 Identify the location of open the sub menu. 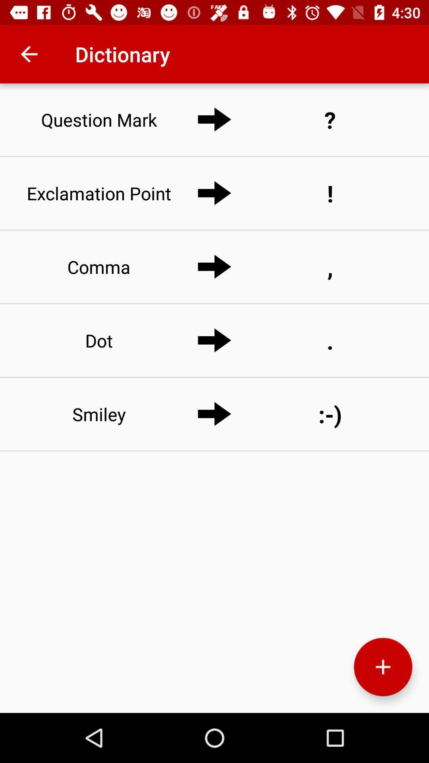
(383, 667).